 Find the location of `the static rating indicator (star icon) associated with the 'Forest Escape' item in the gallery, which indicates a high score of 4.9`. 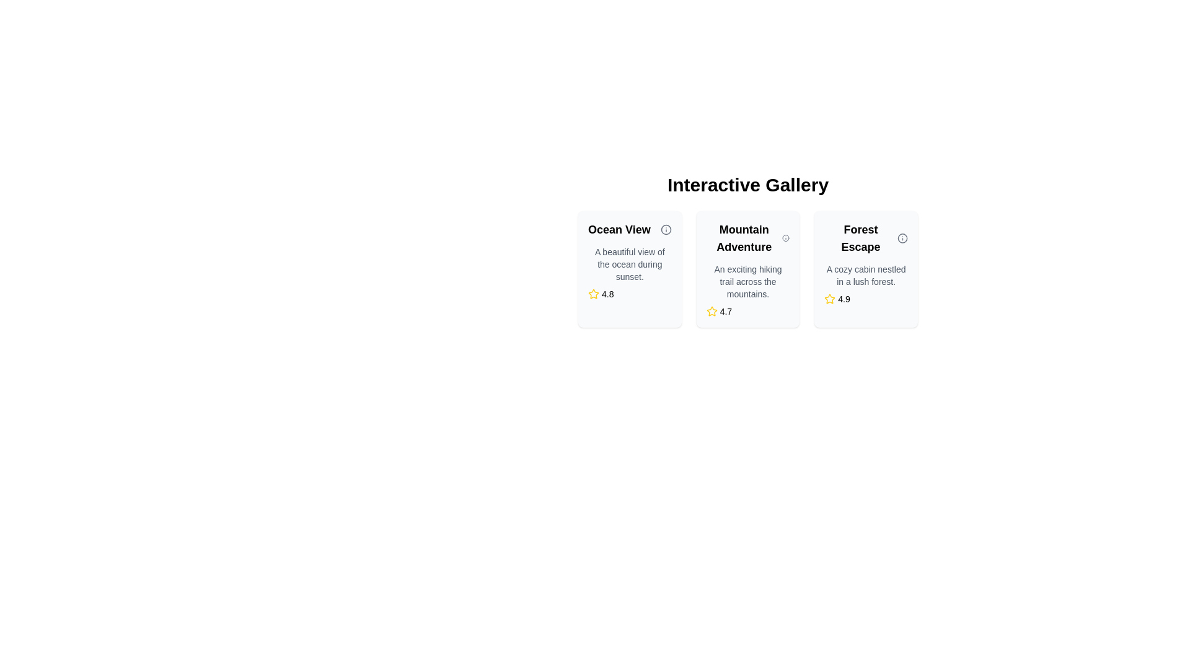

the static rating indicator (star icon) associated with the 'Forest Escape' item in the gallery, which indicates a high score of 4.9 is located at coordinates (830, 299).